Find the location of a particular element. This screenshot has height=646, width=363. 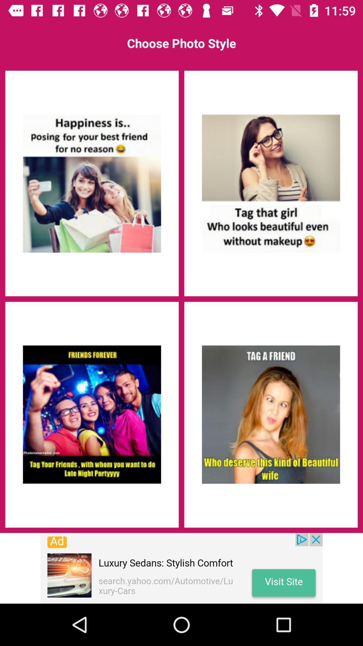

see advertisement is located at coordinates (182, 568).